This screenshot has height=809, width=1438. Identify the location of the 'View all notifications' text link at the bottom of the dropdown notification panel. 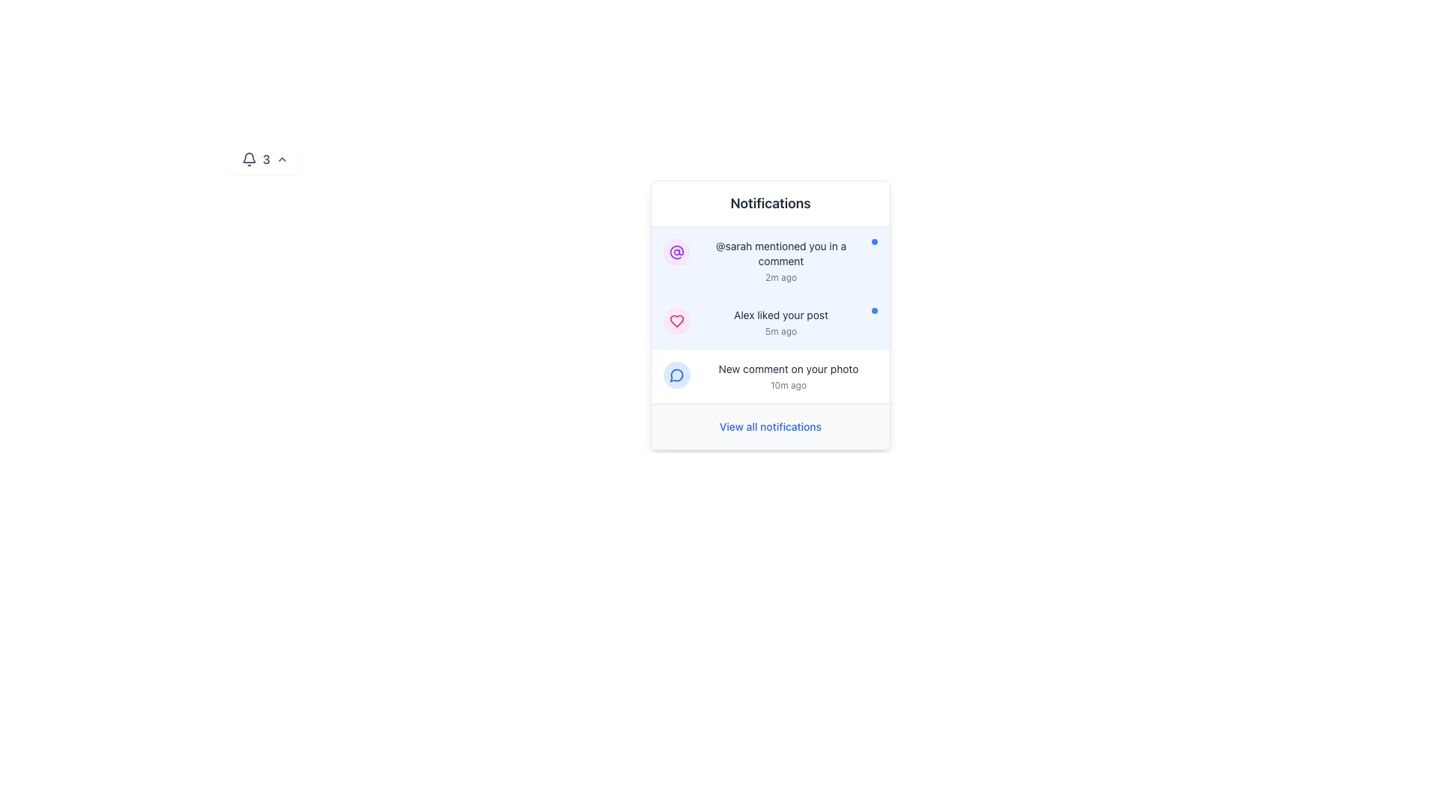
(770, 426).